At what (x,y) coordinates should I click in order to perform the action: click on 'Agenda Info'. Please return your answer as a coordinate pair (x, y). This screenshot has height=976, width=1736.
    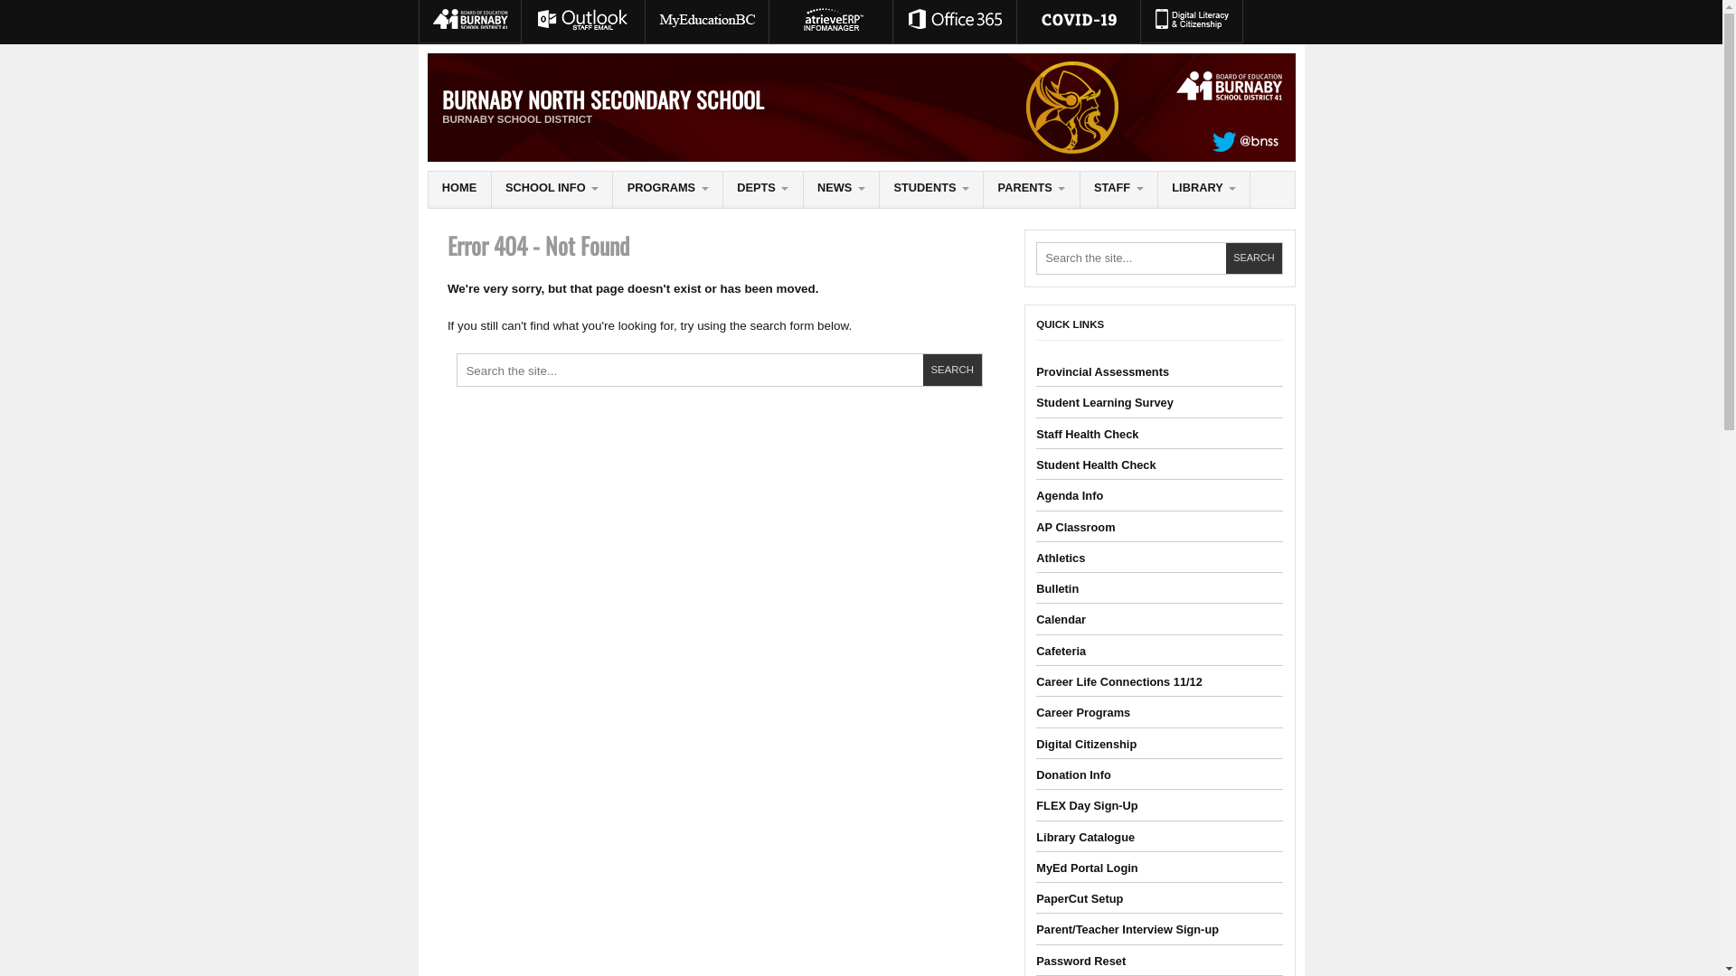
    Looking at the image, I should click on (1069, 495).